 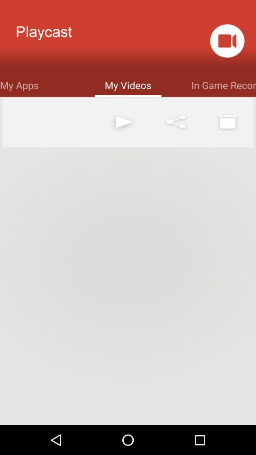 What do you see at coordinates (227, 44) in the screenshot?
I see `the videocam icon` at bounding box center [227, 44].